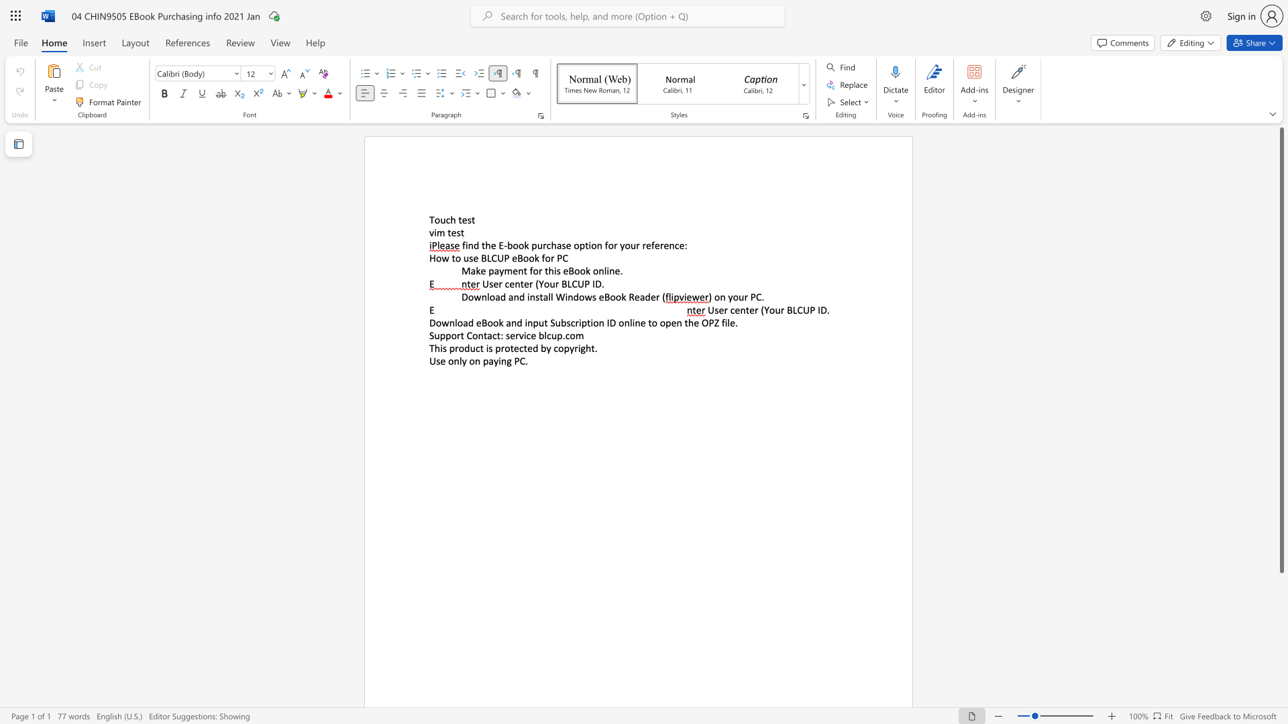  Describe the element at coordinates (500, 283) in the screenshot. I see `the 1th character "r" in the text` at that location.